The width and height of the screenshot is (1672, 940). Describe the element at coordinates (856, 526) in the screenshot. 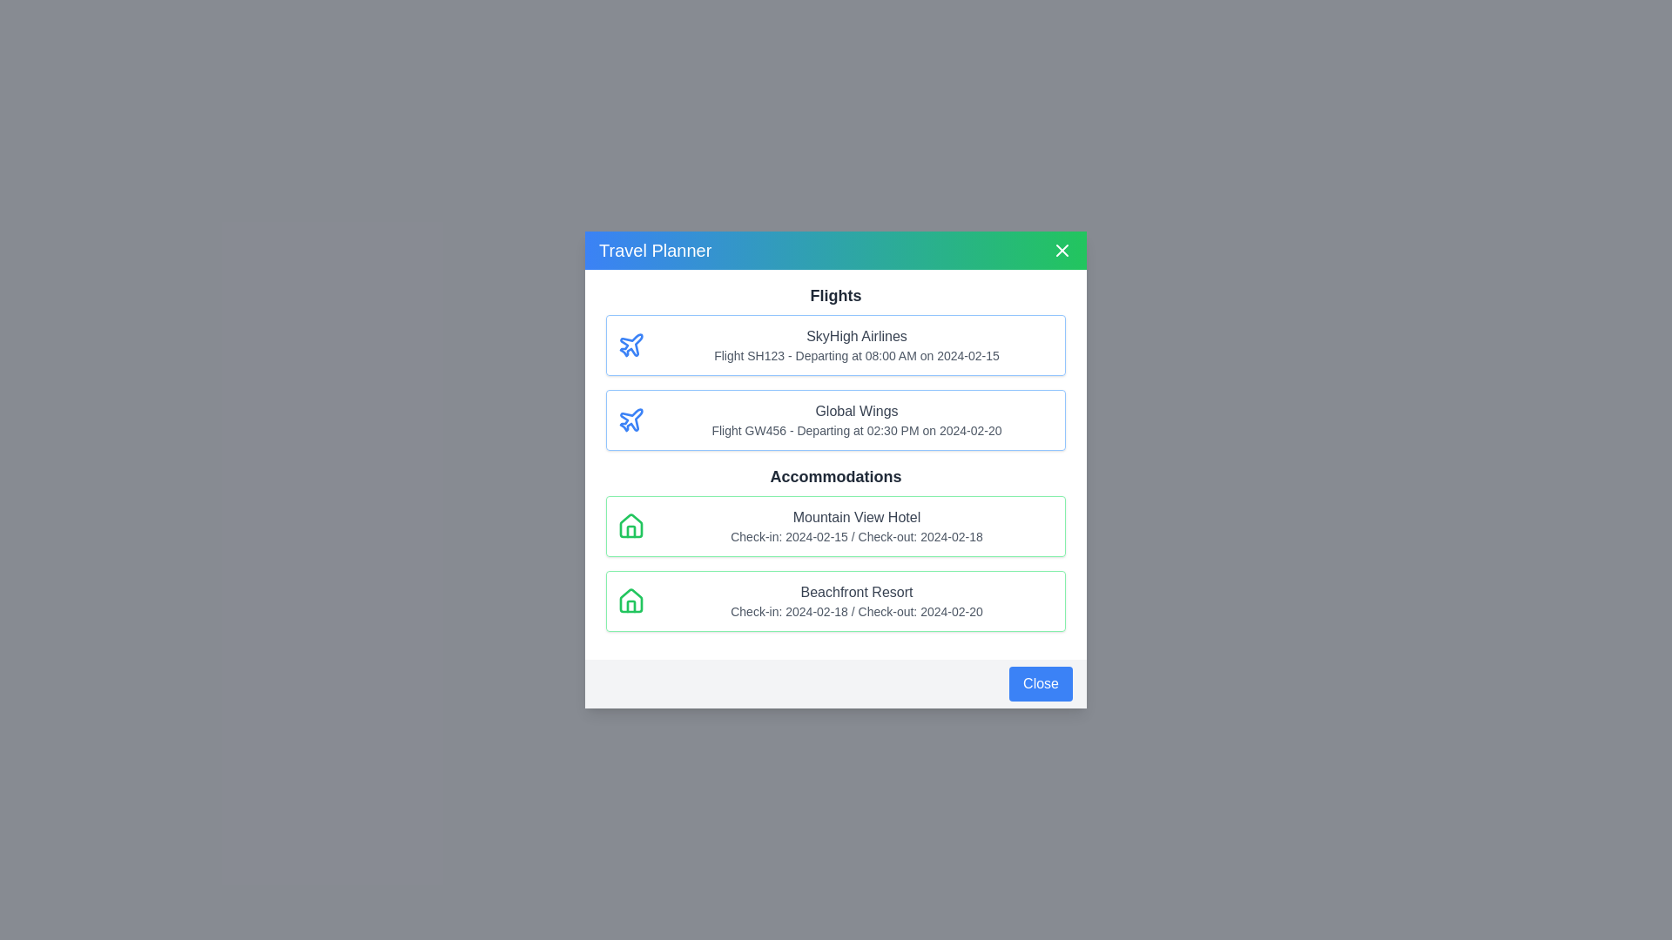

I see `displayed accommodation information from the text block titled 'Mountain View Hotel' located in the Travel Planner dialog box, which includes check-in and check-out dates` at that location.